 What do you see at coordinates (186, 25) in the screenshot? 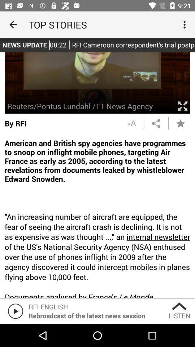
I see `icon at the top right corner` at bounding box center [186, 25].